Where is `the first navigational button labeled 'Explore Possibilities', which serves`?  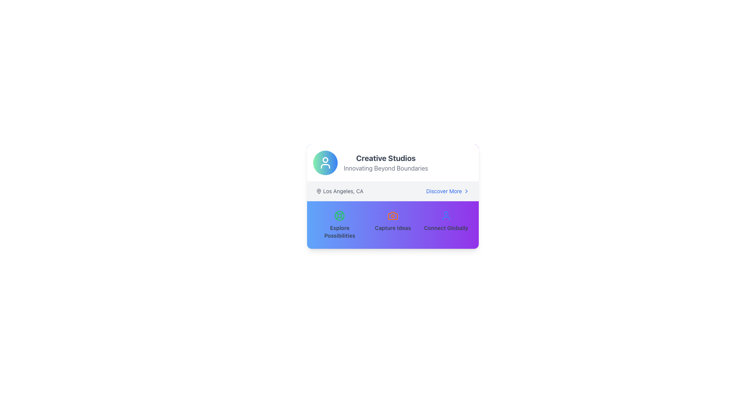
the first navigational button labeled 'Explore Possibilities', which serves is located at coordinates (339, 224).